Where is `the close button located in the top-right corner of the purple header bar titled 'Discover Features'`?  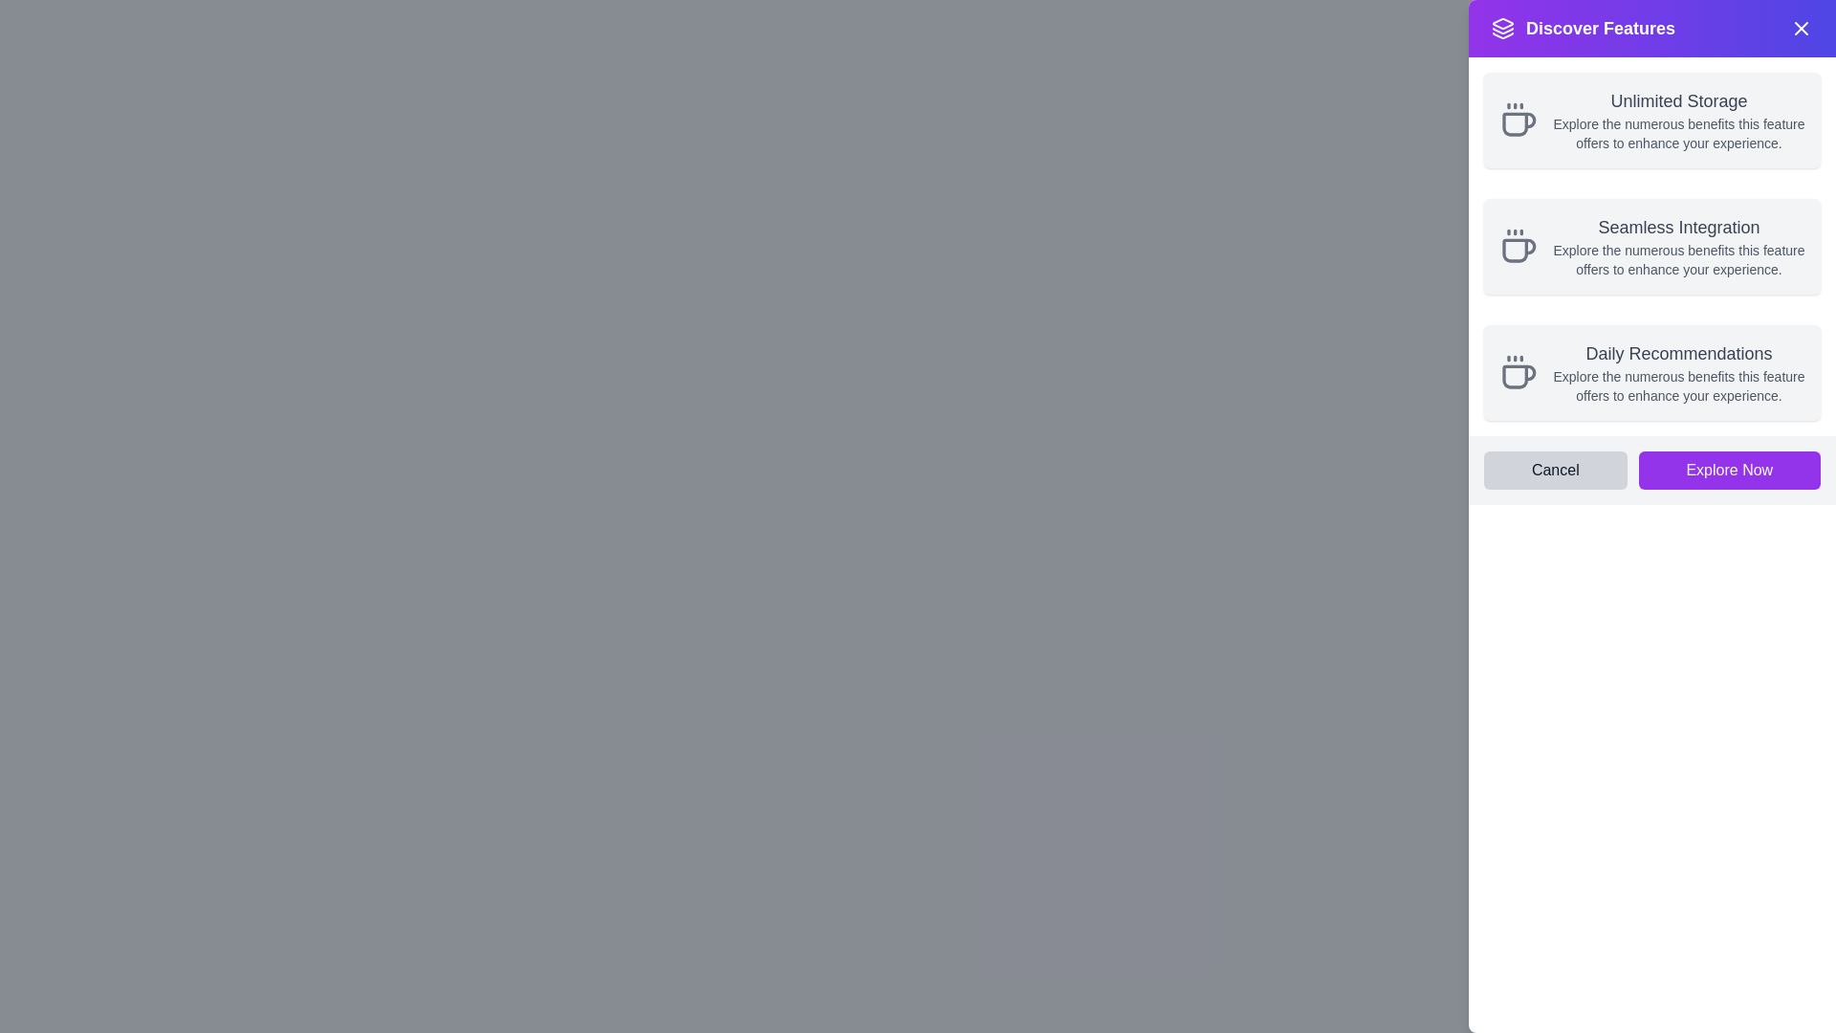 the close button located in the top-right corner of the purple header bar titled 'Discover Features' is located at coordinates (1800, 29).